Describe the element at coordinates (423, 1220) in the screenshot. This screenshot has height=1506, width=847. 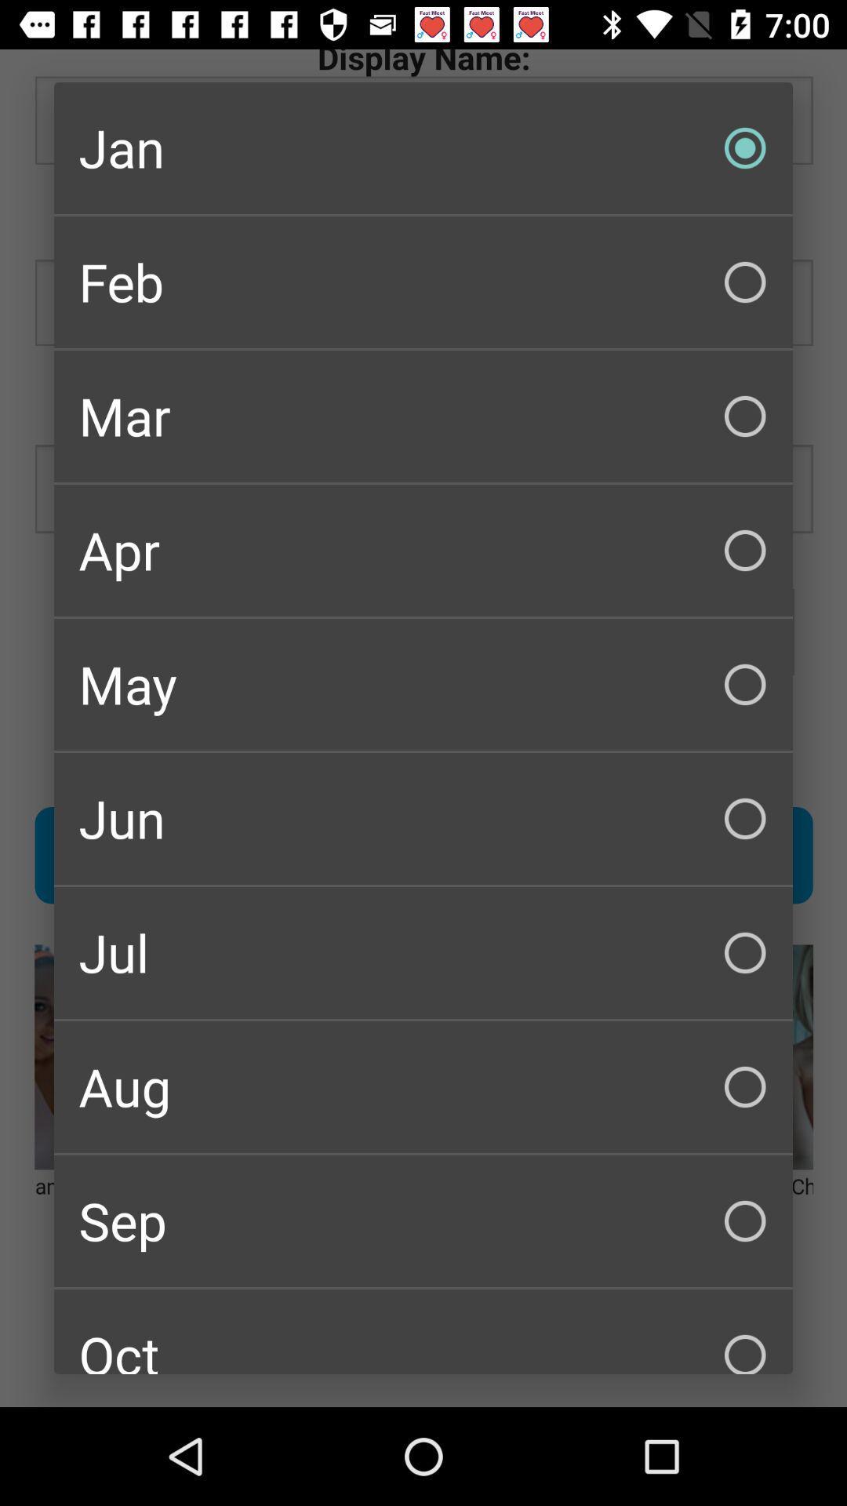
I see `sep icon` at that location.